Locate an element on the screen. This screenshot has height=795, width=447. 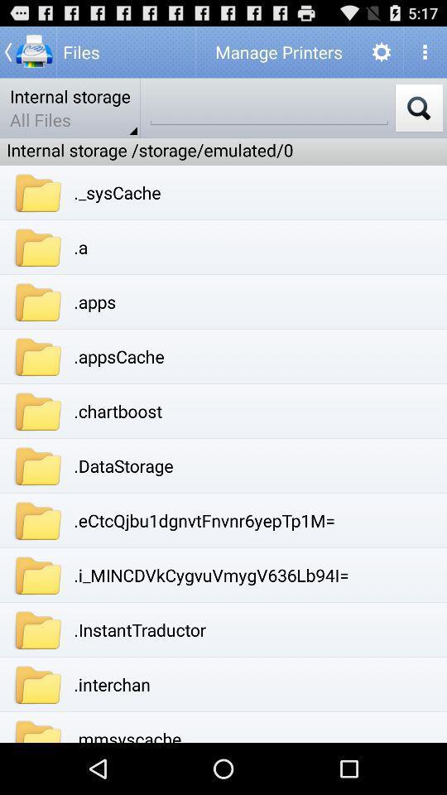
item above the .i_mincdvkcygvuvmygv636lb94i= app is located at coordinates (204, 519).